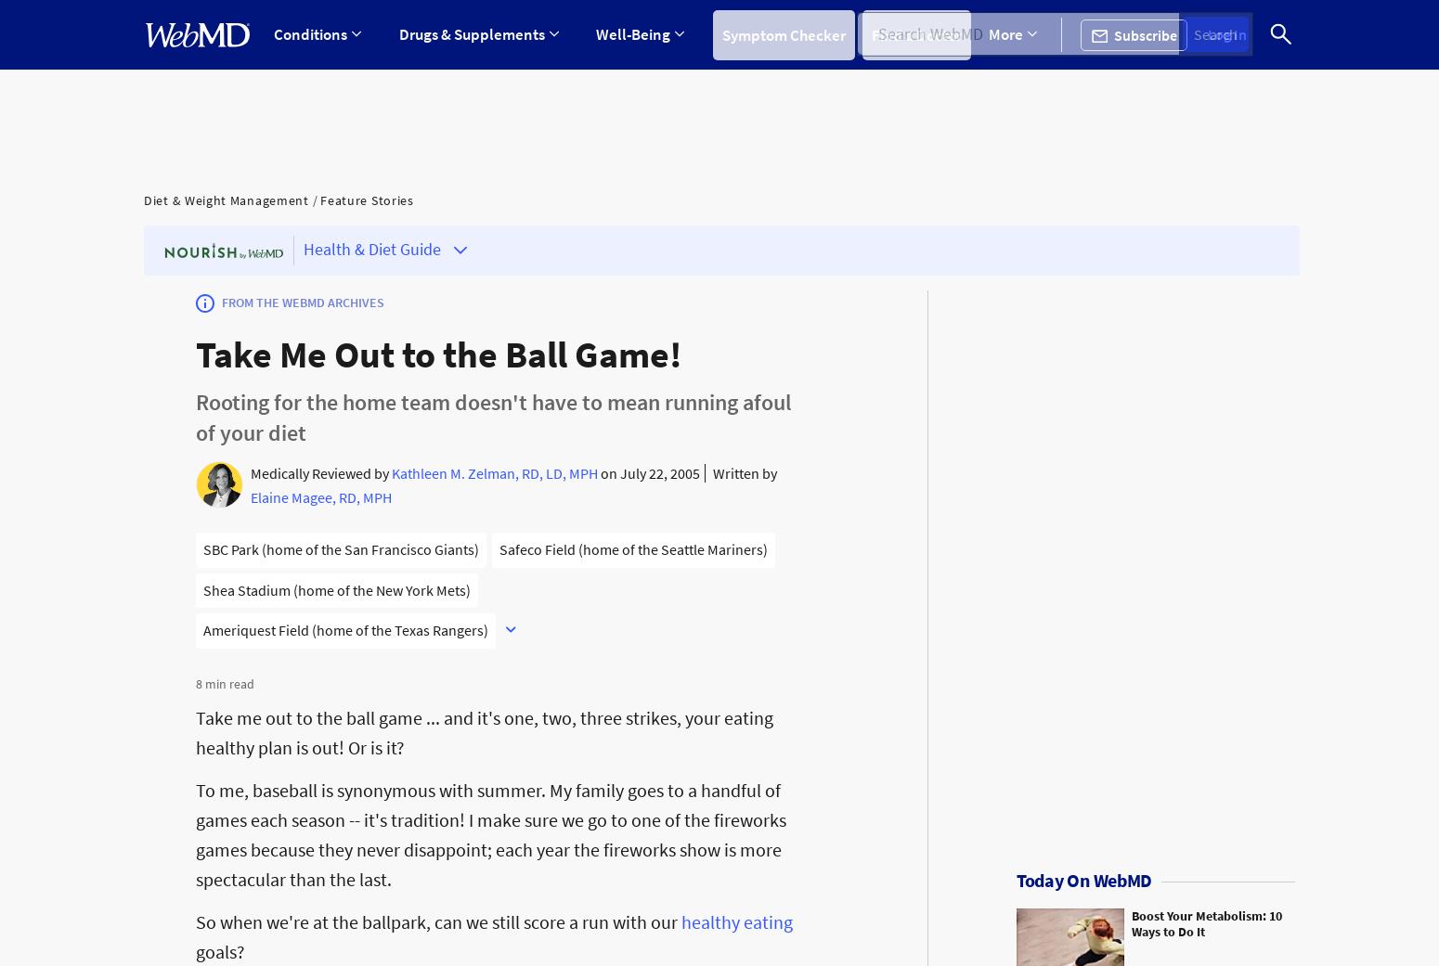 The height and width of the screenshot is (966, 1439). I want to click on 'News', so click(976, 117).